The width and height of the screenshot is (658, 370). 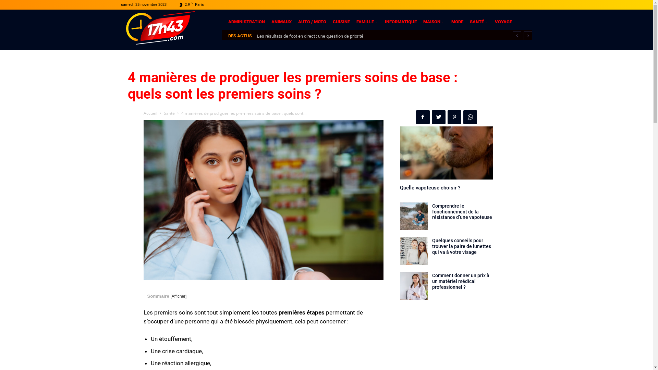 What do you see at coordinates (367, 21) in the screenshot?
I see `'FAMILLE'` at bounding box center [367, 21].